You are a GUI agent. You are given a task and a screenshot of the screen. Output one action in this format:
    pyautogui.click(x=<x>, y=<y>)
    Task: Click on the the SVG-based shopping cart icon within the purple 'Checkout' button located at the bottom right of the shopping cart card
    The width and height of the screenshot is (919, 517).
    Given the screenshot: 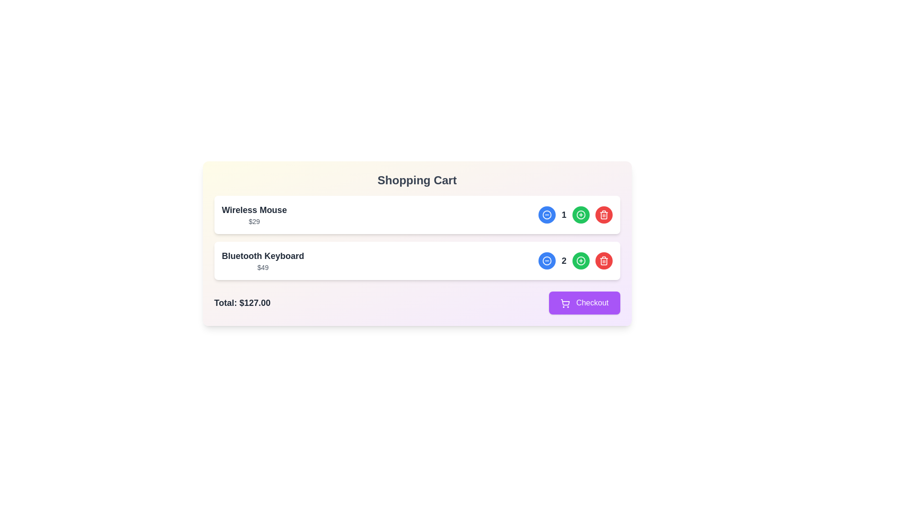 What is the action you would take?
    pyautogui.click(x=565, y=302)
    